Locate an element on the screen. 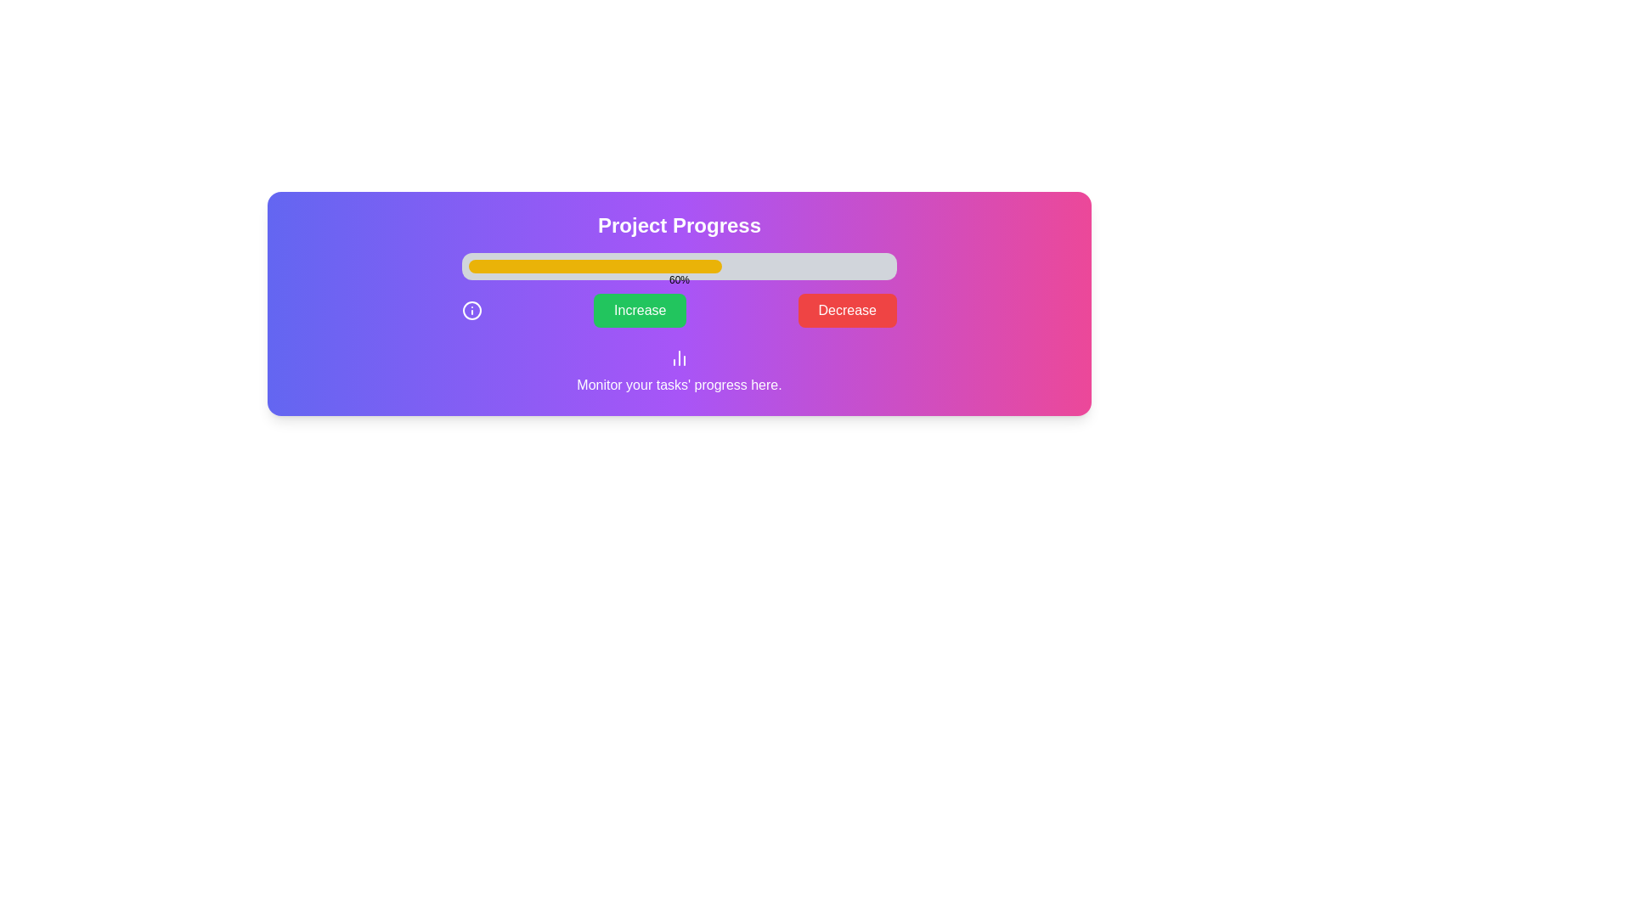  the progress bar indicating 60% completion, which is visually represented with a yellow fill against a gray background, located below the 'Project Progress' heading is located at coordinates (680, 266).